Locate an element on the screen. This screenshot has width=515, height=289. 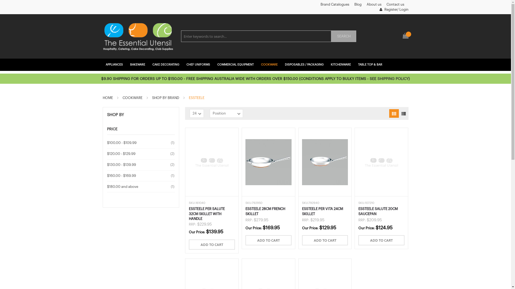
'SEARCH' is located at coordinates (343, 36).